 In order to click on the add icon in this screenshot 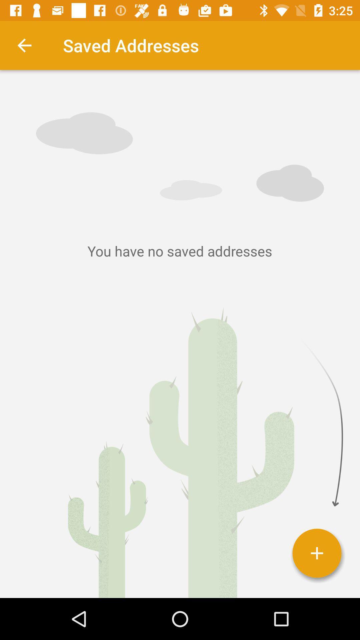, I will do `click(317, 553)`.